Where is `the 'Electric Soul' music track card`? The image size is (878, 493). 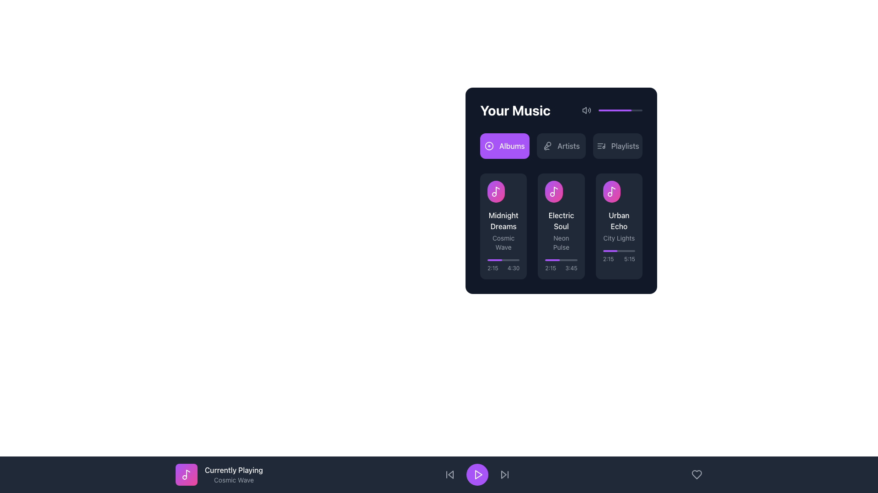
the 'Electric Soul' music track card is located at coordinates (561, 226).